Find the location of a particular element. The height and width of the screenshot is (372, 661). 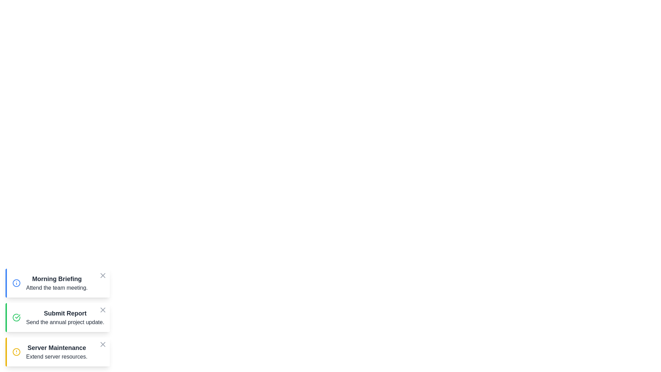

the small, square-shaped close button resembling an 'X' located at the top-right corner of the 'Submit Report' box is located at coordinates (102, 311).